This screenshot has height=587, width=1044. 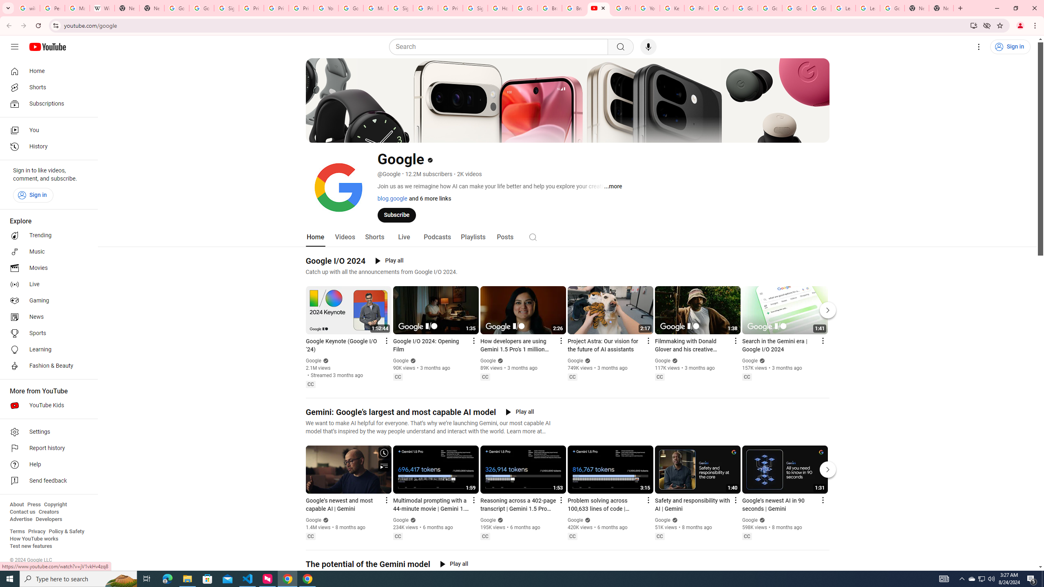 What do you see at coordinates (974, 25) in the screenshot?
I see `'Install YouTube'` at bounding box center [974, 25].